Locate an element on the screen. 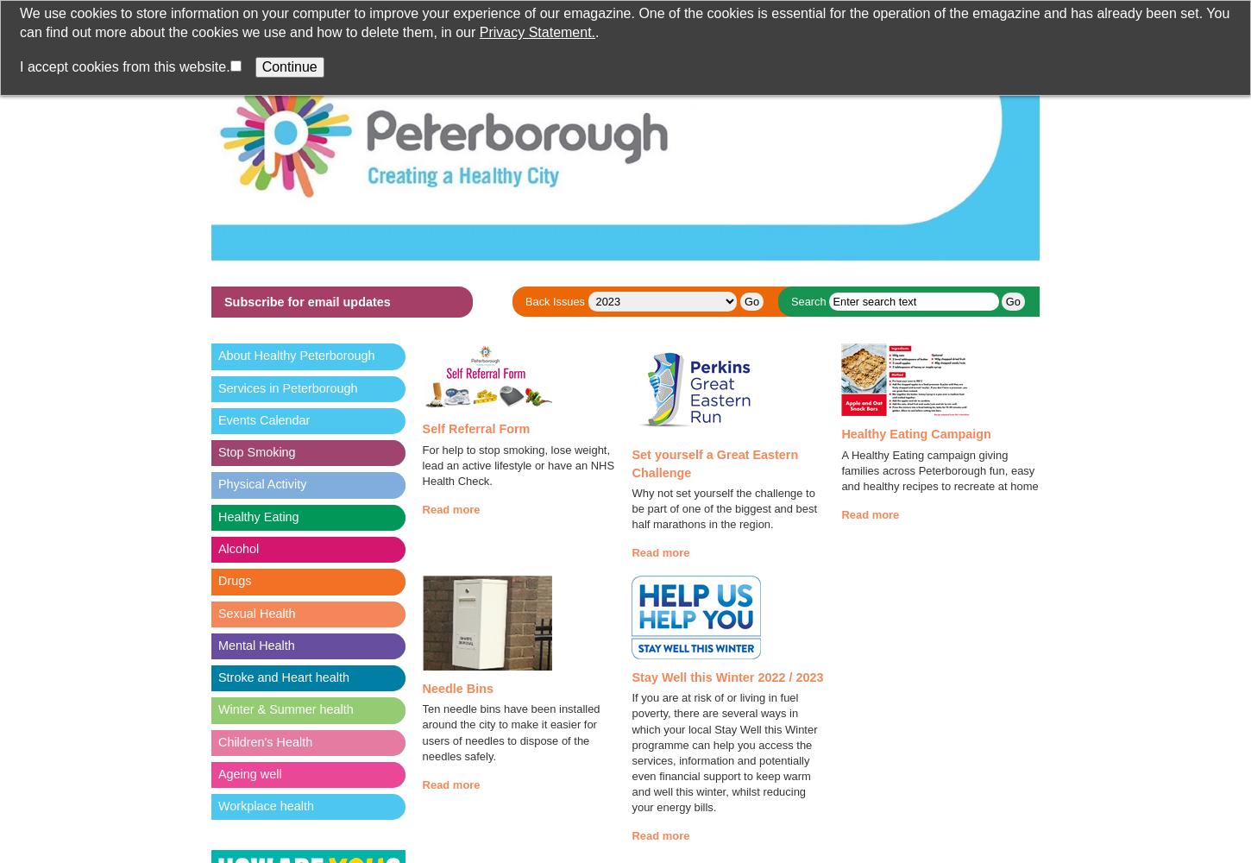  'Drugs' is located at coordinates (235, 581).